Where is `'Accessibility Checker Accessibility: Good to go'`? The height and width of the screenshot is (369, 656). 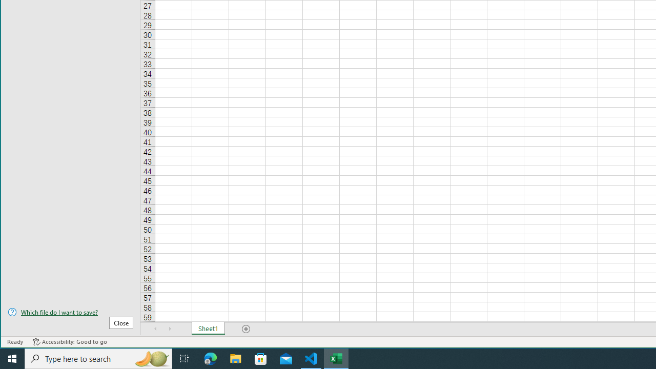 'Accessibility Checker Accessibility: Good to go' is located at coordinates (69, 342).